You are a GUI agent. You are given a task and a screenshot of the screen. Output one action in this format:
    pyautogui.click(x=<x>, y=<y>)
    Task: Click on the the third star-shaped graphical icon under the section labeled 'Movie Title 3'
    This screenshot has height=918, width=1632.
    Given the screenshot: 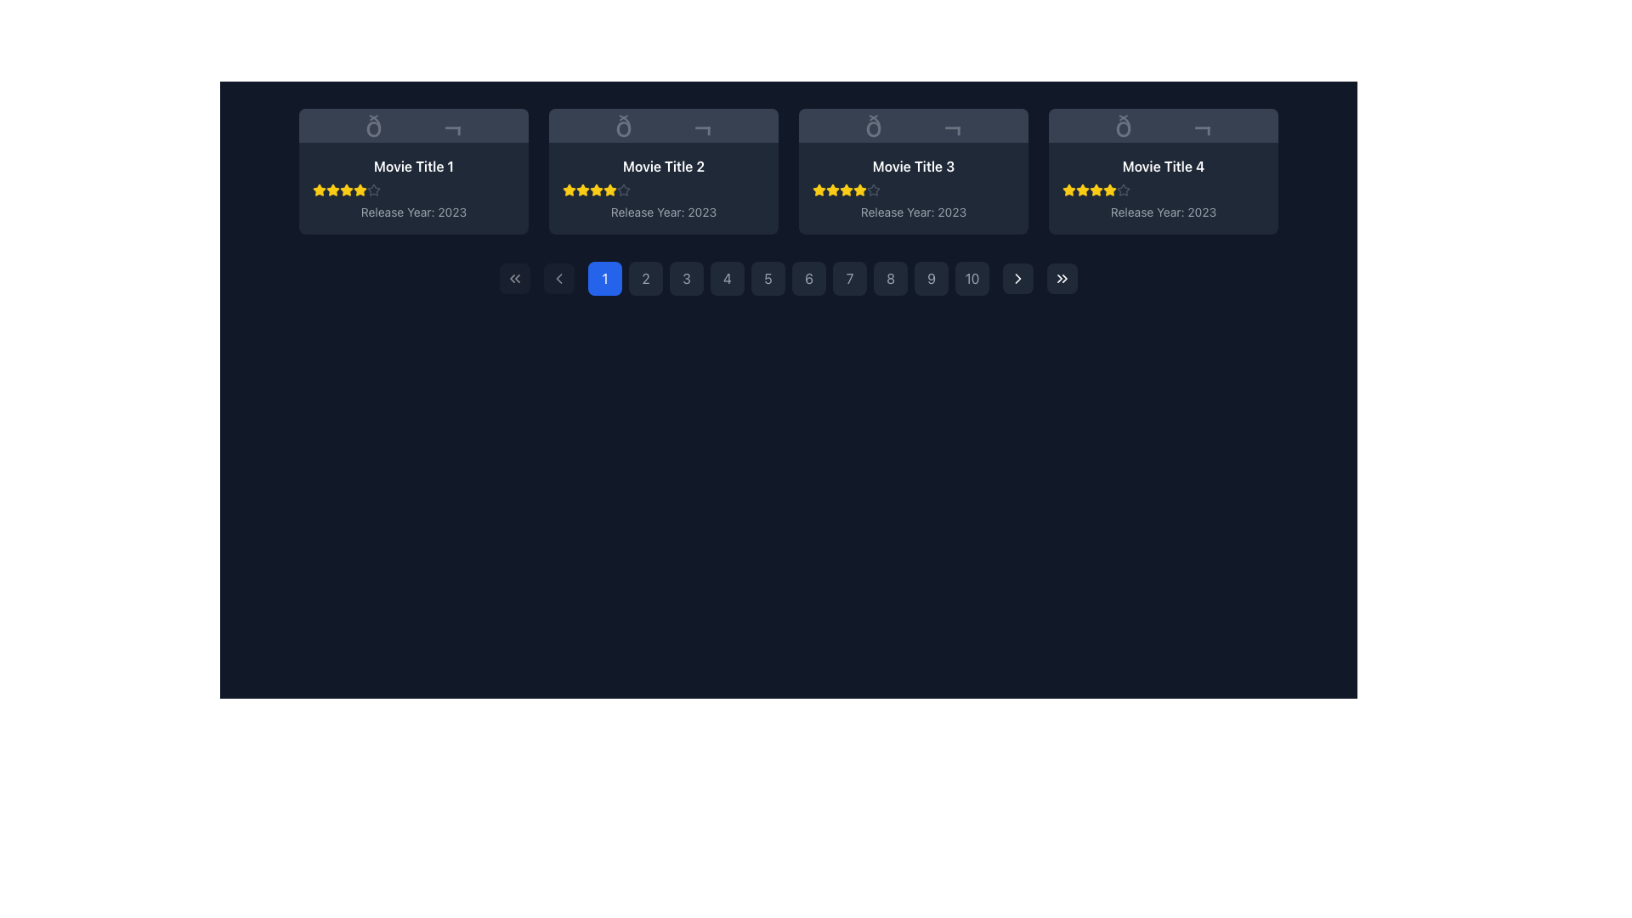 What is the action you would take?
    pyautogui.click(x=819, y=190)
    